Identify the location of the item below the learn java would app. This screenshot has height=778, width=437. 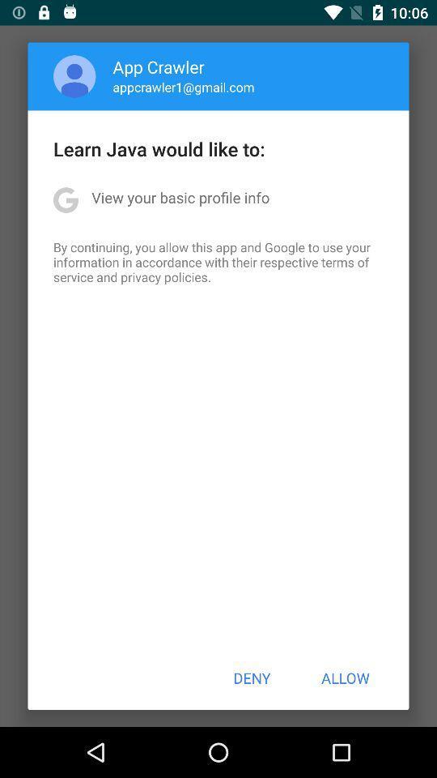
(180, 196).